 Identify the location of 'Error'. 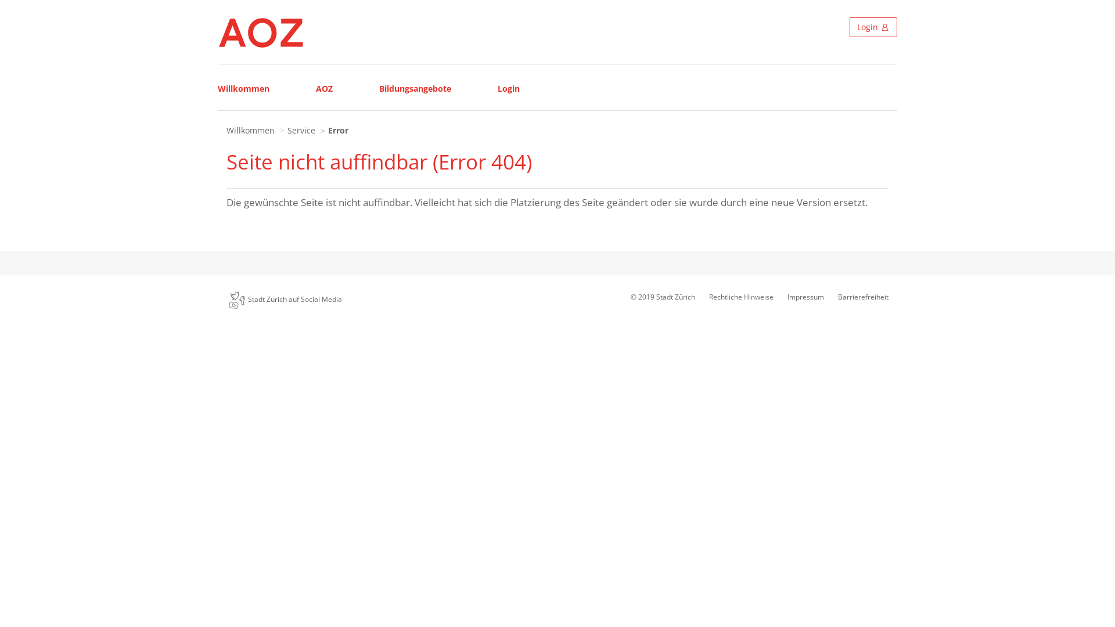
(328, 130).